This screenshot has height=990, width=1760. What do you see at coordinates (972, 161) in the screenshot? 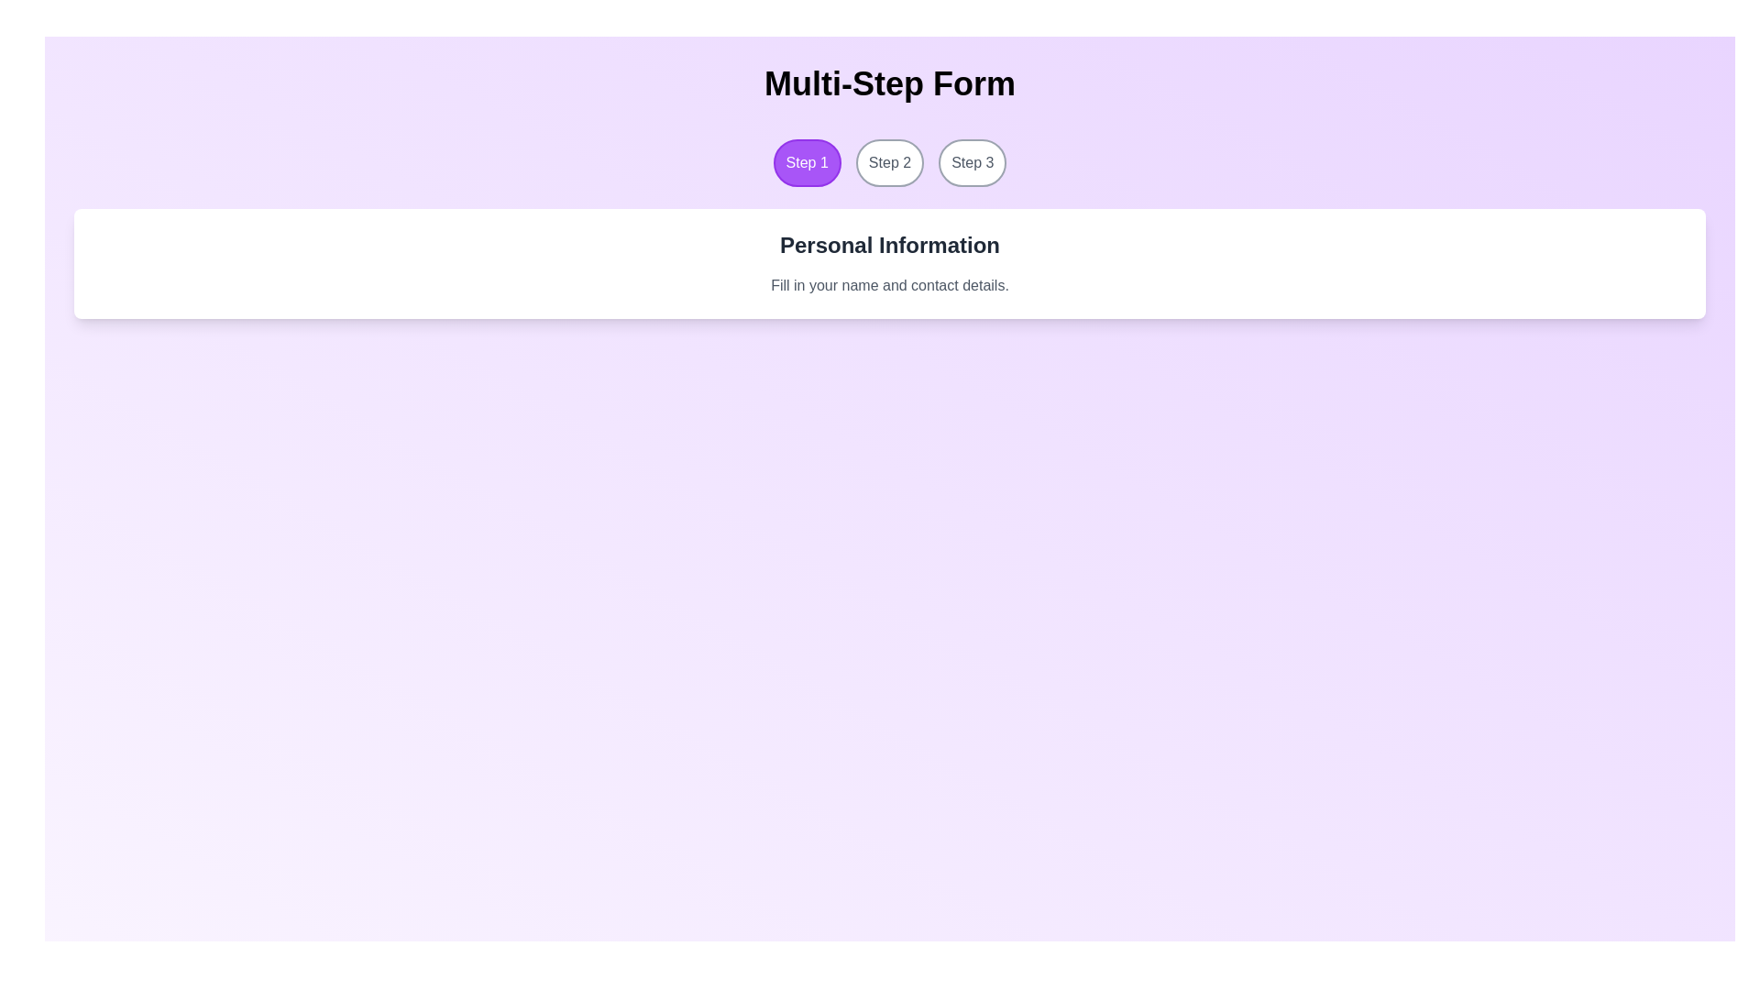
I see `the third step button` at bounding box center [972, 161].